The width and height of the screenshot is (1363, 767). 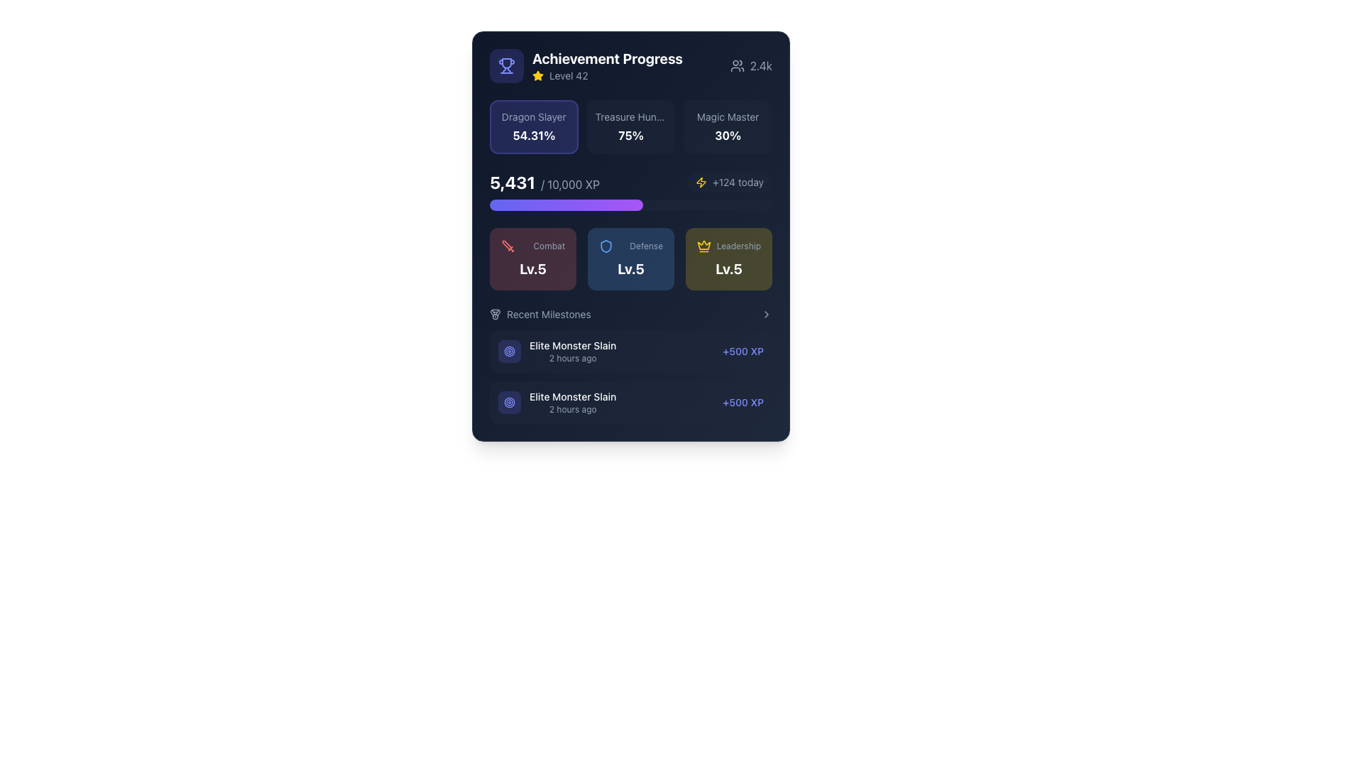 I want to click on static text content that displays 'Elite Monster Slain' and '2 hours ago' located in the 'Recent Milestones' section, positioned to the left of a '+500 XP' text, so click(x=557, y=351).